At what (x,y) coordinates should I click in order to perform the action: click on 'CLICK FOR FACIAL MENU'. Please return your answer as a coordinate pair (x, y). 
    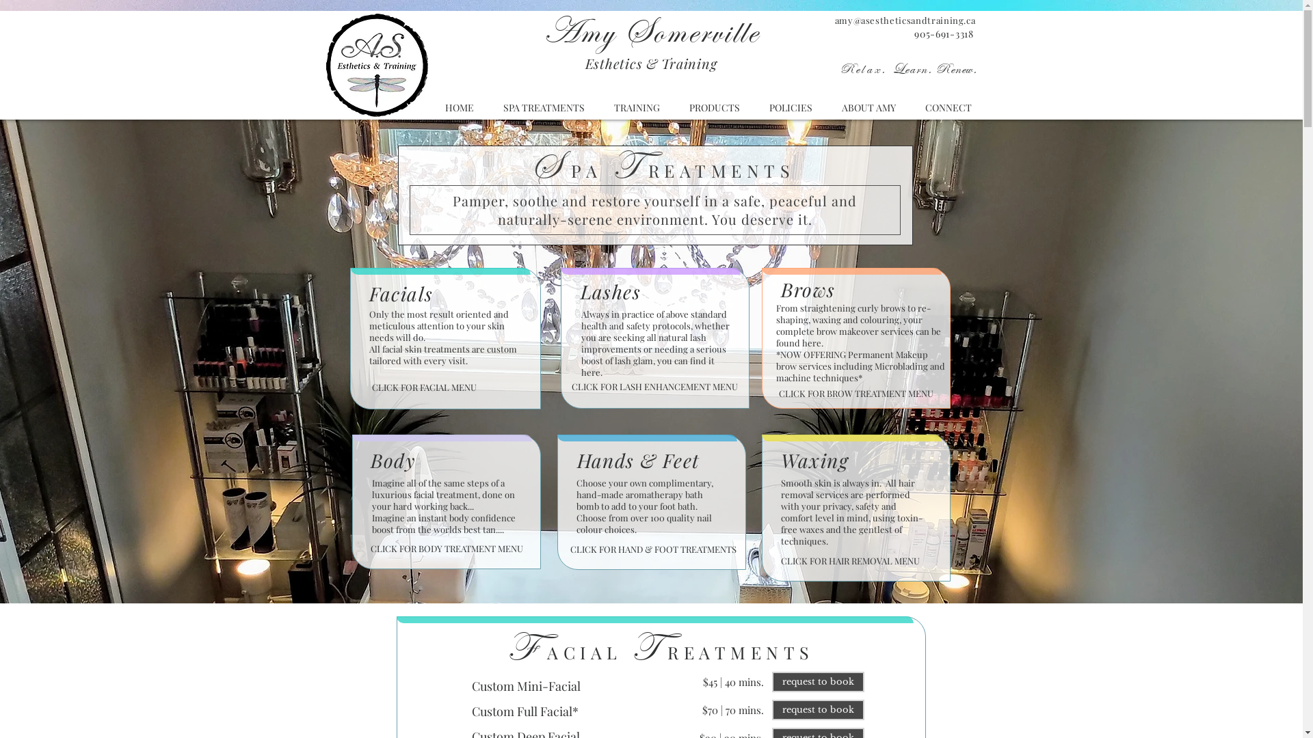
    Looking at the image, I should click on (423, 387).